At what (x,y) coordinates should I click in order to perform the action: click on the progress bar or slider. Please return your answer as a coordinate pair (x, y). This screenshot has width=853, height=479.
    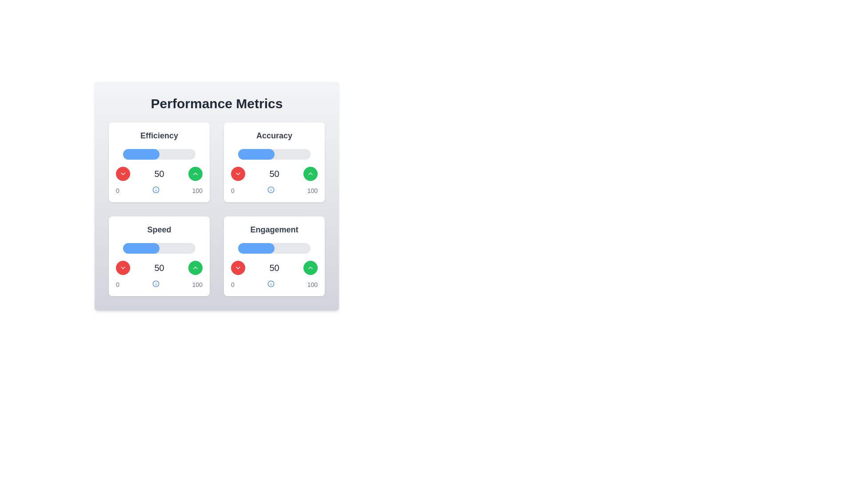
    Looking at the image, I should click on (185, 248).